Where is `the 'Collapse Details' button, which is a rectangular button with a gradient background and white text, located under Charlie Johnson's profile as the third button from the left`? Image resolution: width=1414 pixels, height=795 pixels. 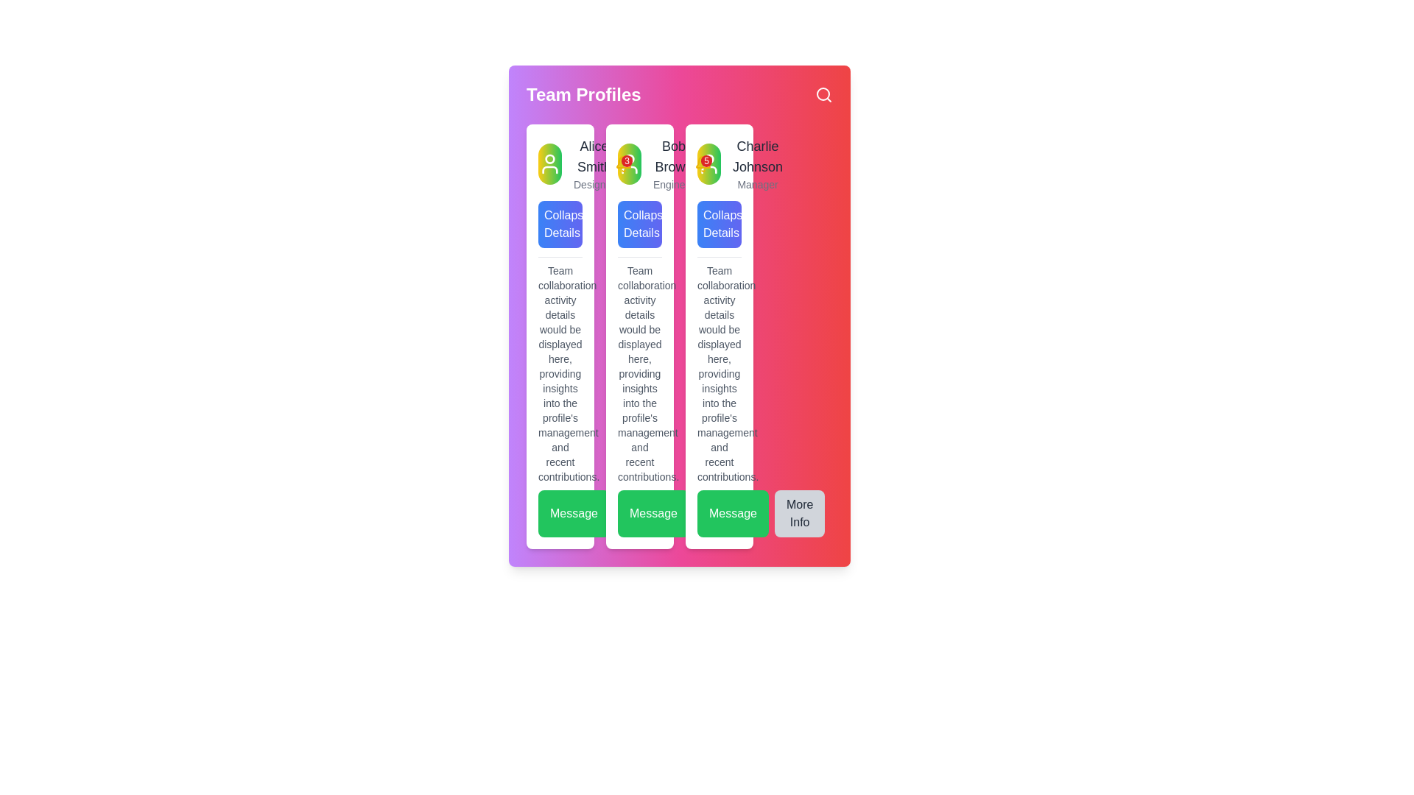
the 'Collapse Details' button, which is a rectangular button with a gradient background and white text, located under Charlie Johnson's profile as the third button from the left is located at coordinates (720, 224).